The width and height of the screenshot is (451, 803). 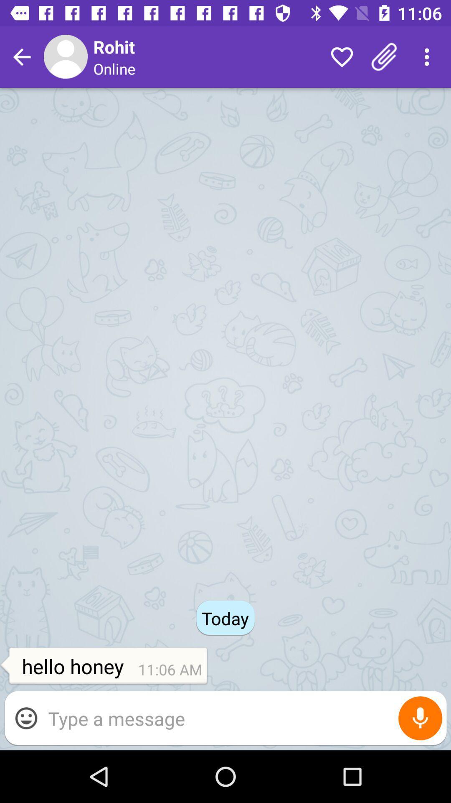 What do you see at coordinates (420, 718) in the screenshot?
I see `the item at the bottom right corner` at bounding box center [420, 718].